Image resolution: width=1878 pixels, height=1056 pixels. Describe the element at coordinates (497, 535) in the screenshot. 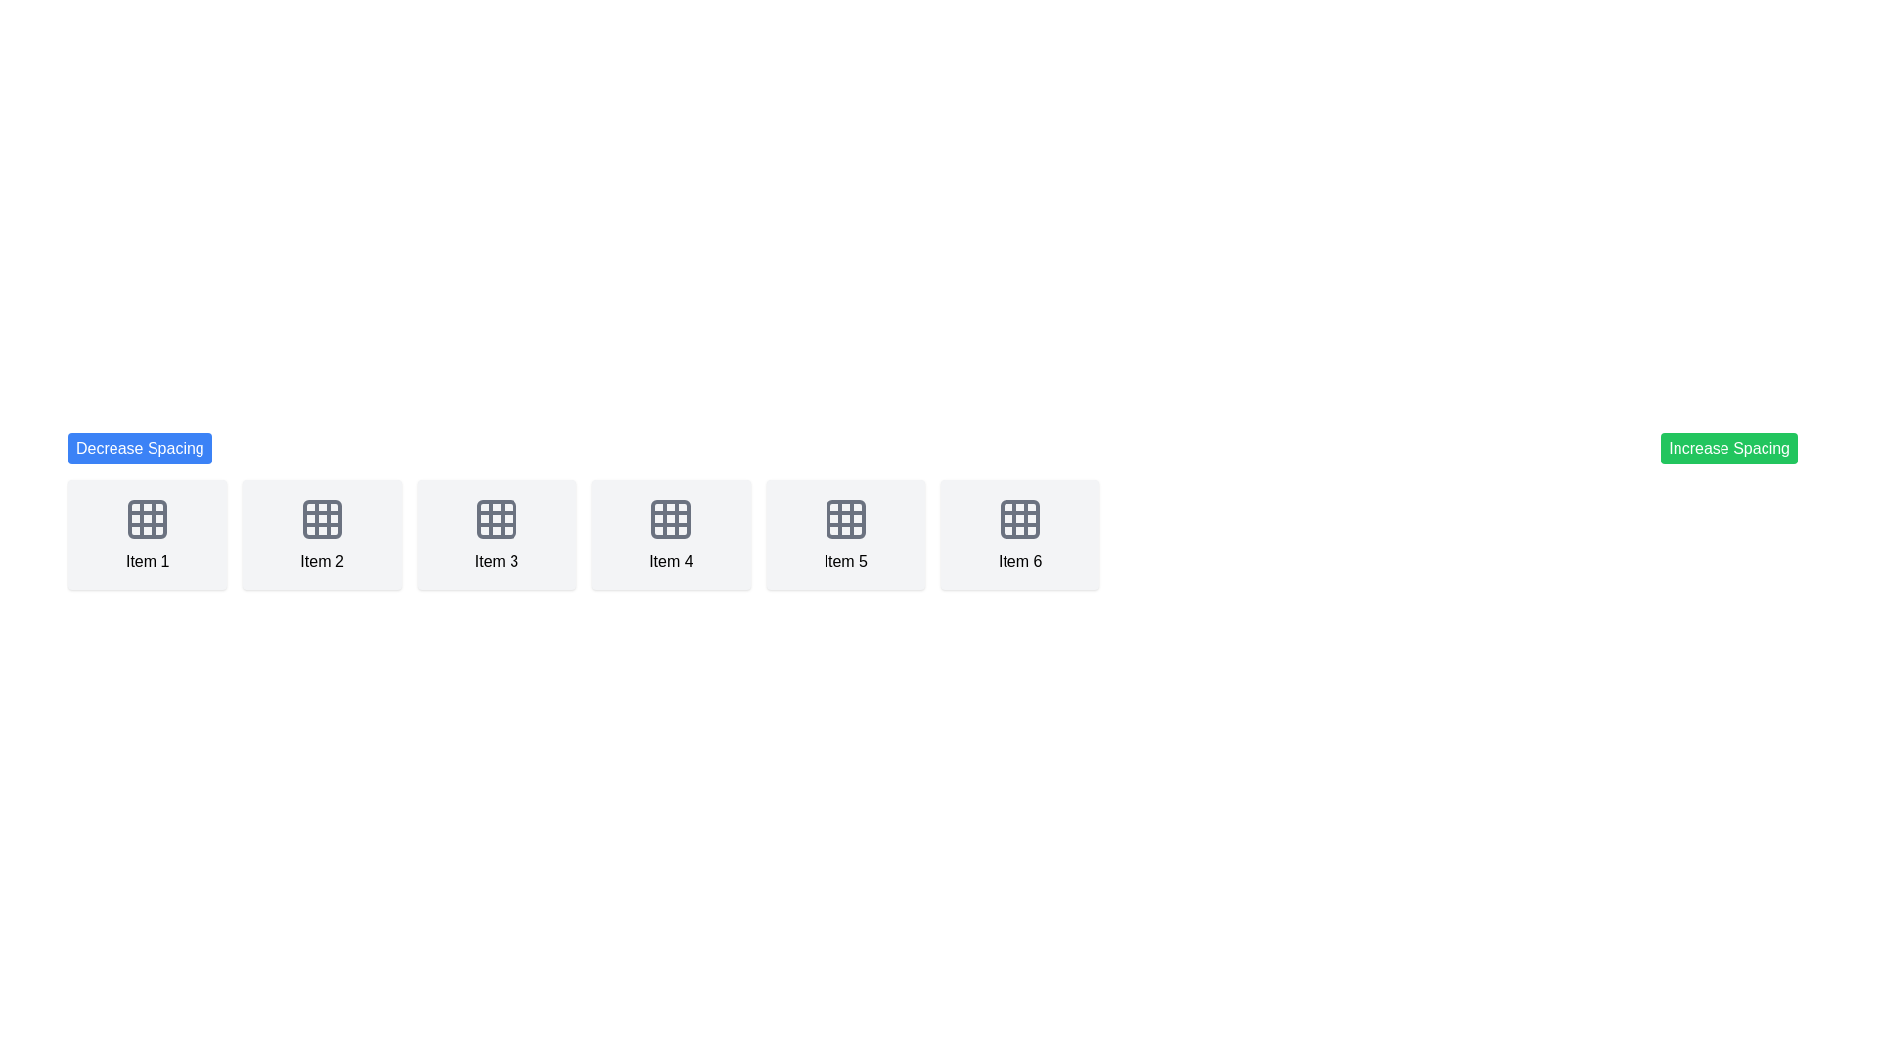

I see `the display card representing 'Item 3' in the grid layout, positioned between 'Item 2' and 'Item 4'` at that location.